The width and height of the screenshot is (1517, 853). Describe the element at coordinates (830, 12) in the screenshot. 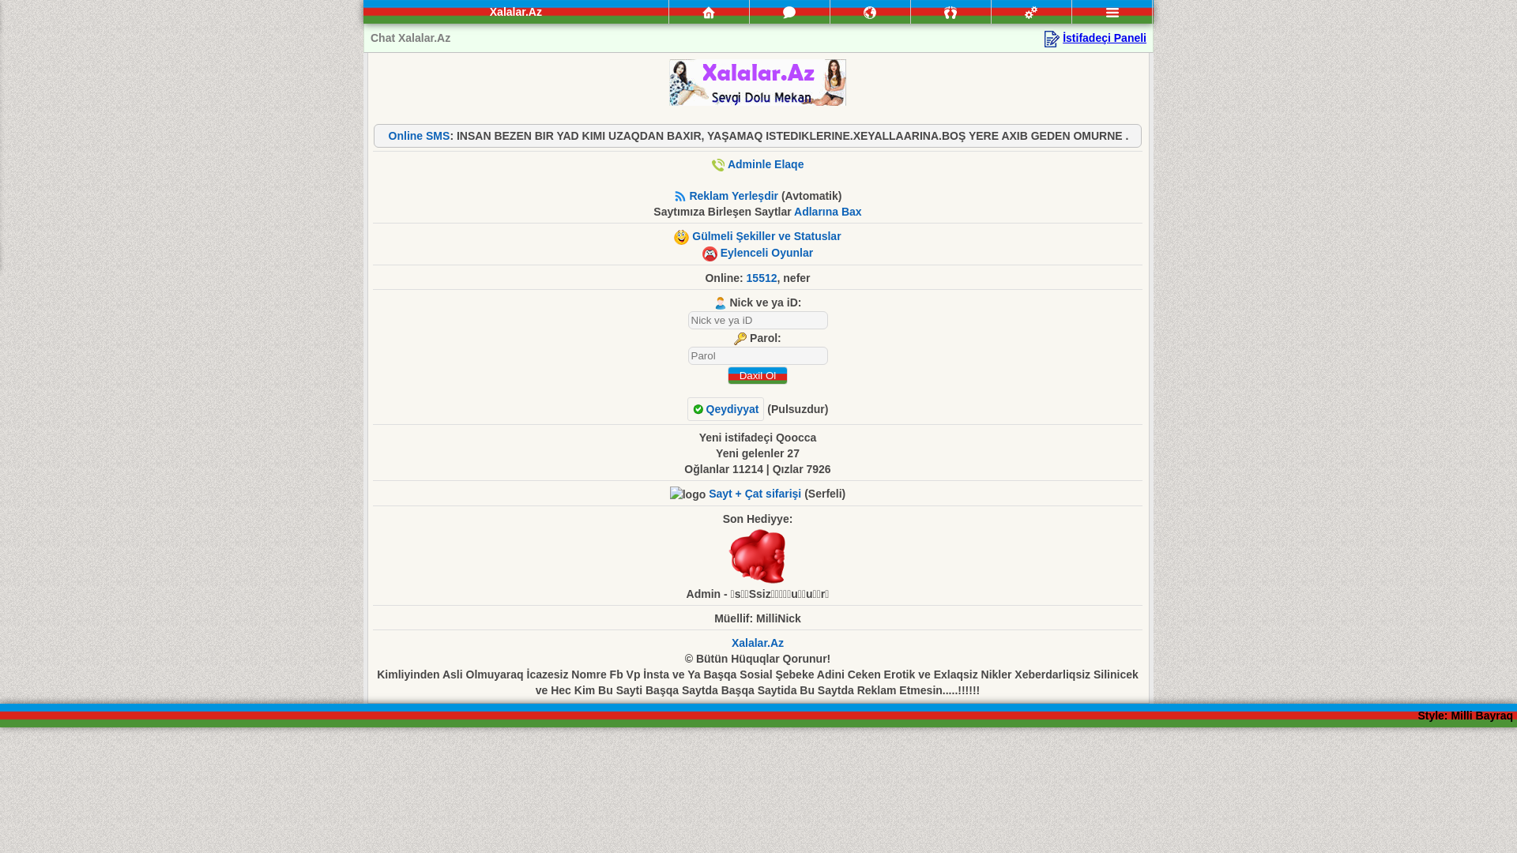

I see `'Mektublar'` at that location.